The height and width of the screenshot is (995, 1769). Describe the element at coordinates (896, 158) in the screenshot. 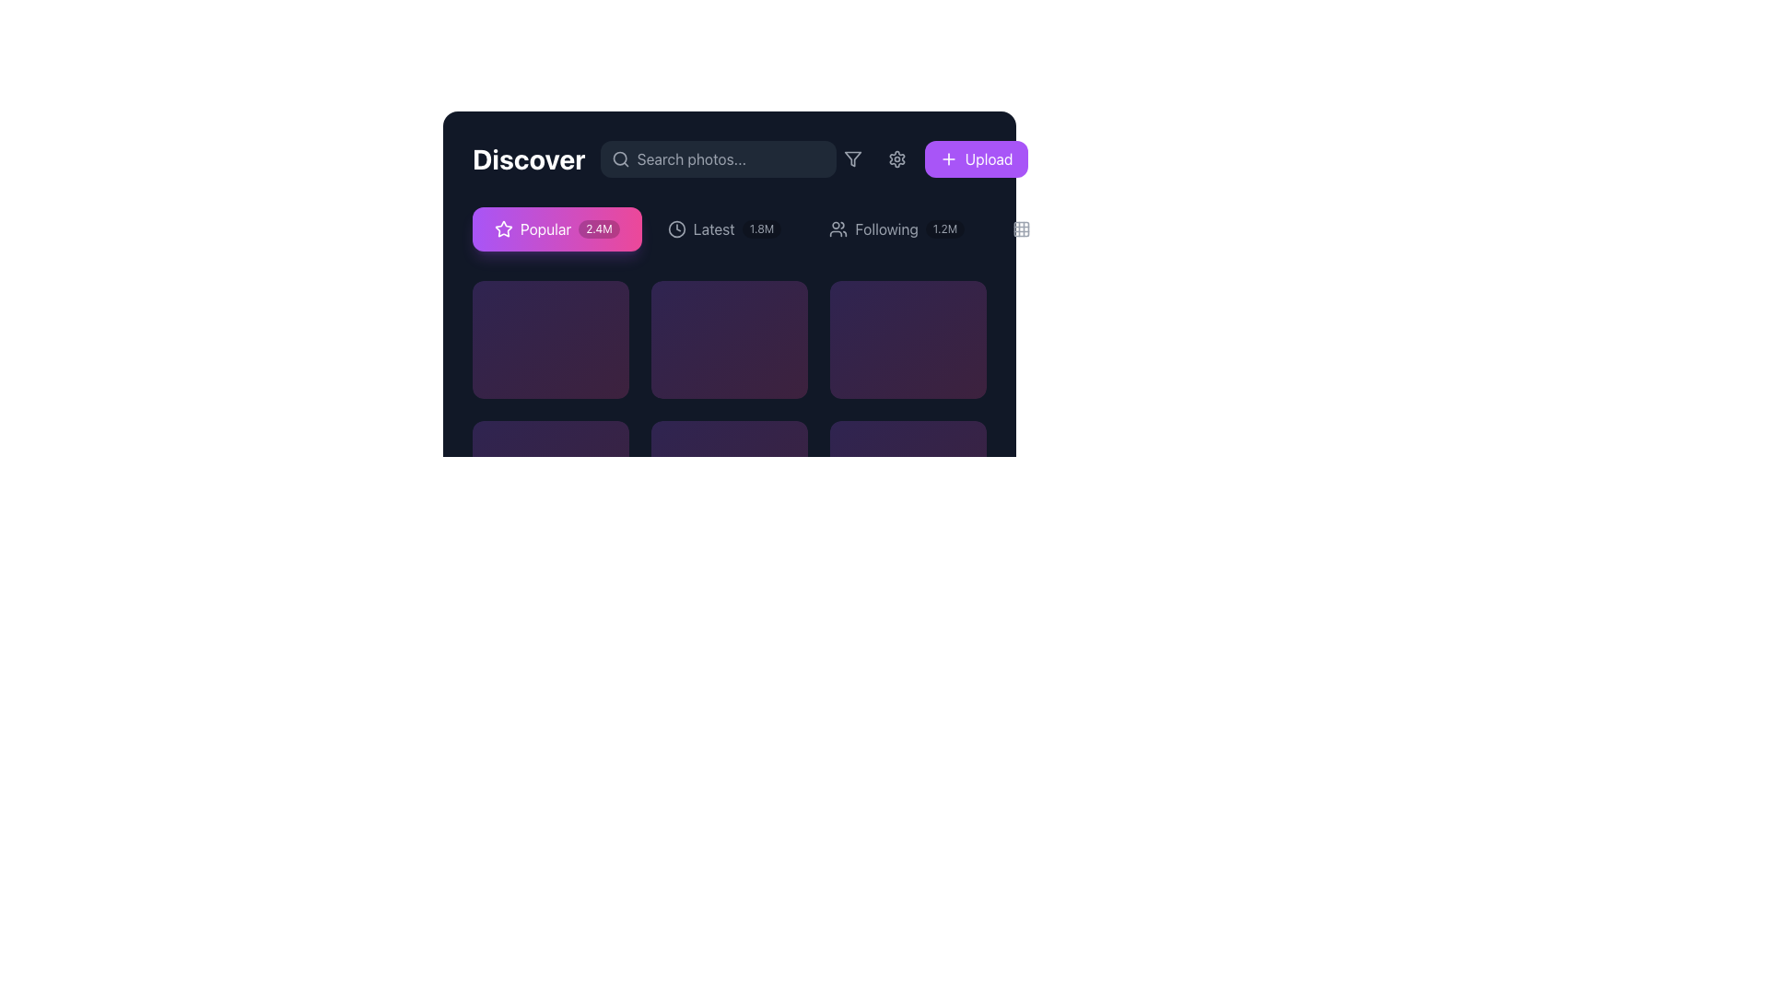

I see `the settings menu trigger button located towards the top-right corner of the interface, immediately to the left of the 'Upload' button` at that location.